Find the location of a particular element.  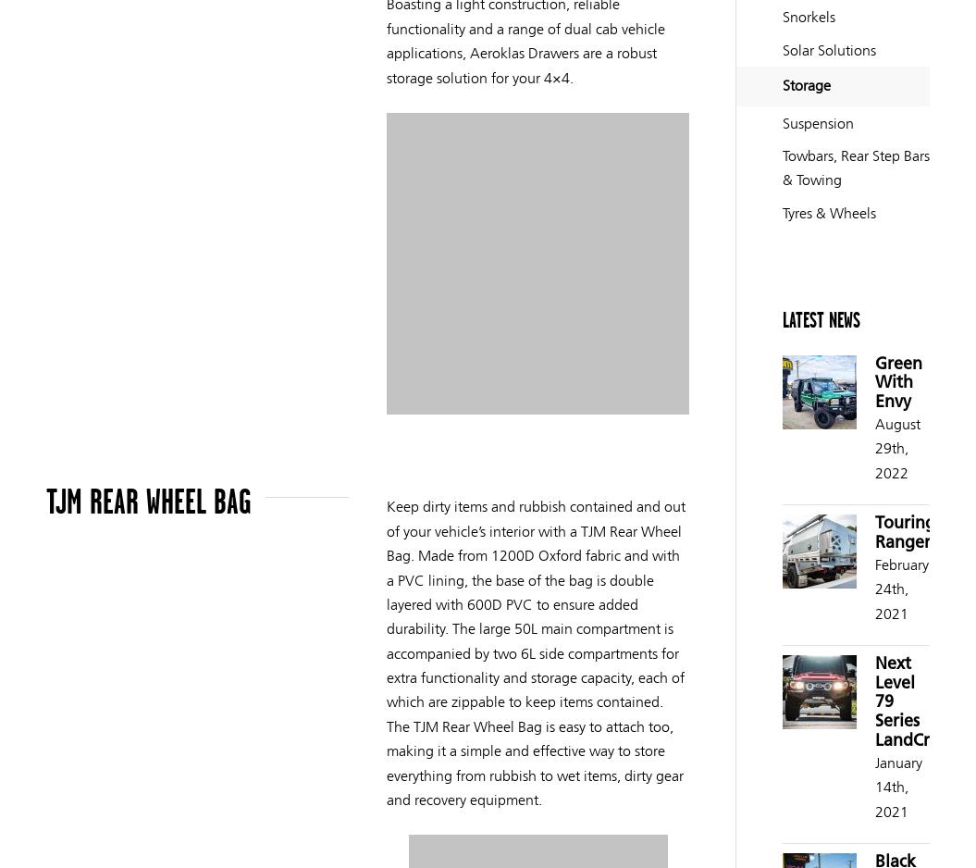

'Solar Solutions' is located at coordinates (781, 48).